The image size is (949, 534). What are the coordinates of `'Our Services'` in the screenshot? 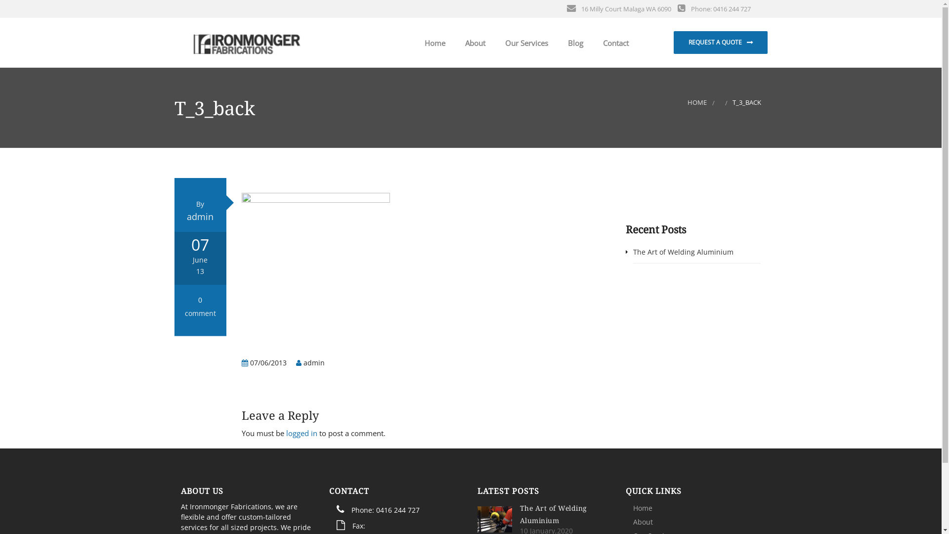 It's located at (524, 43).